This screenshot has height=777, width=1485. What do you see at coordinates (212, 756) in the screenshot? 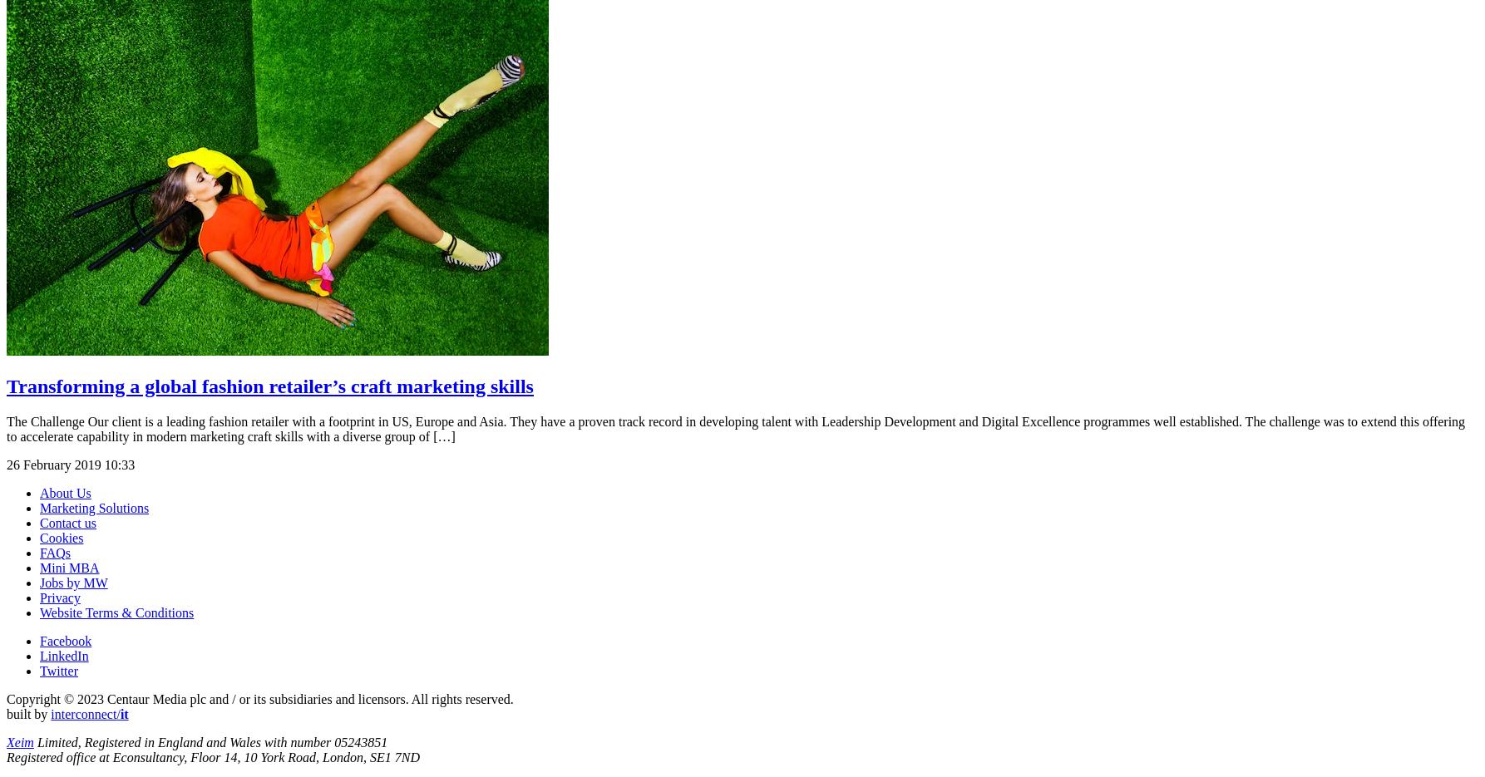
I see `'Registered office at Econsultancy, Floor 14, 10 York Road, London, SE1 7ND'` at bounding box center [212, 756].